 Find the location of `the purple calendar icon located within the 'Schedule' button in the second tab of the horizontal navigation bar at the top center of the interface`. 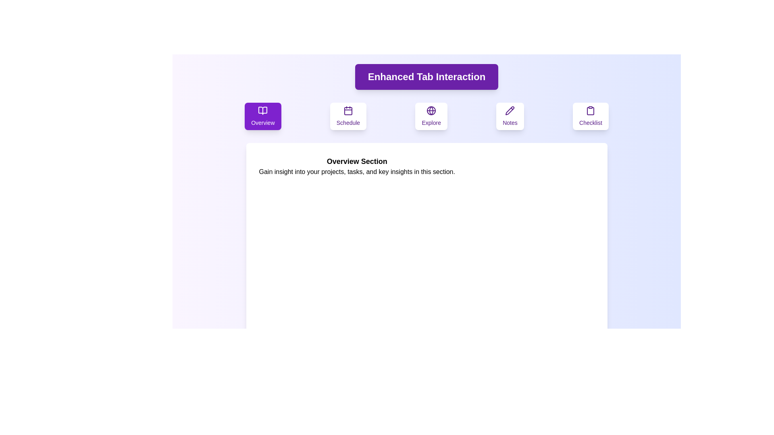

the purple calendar icon located within the 'Schedule' button in the second tab of the horizontal navigation bar at the top center of the interface is located at coordinates (348, 110).